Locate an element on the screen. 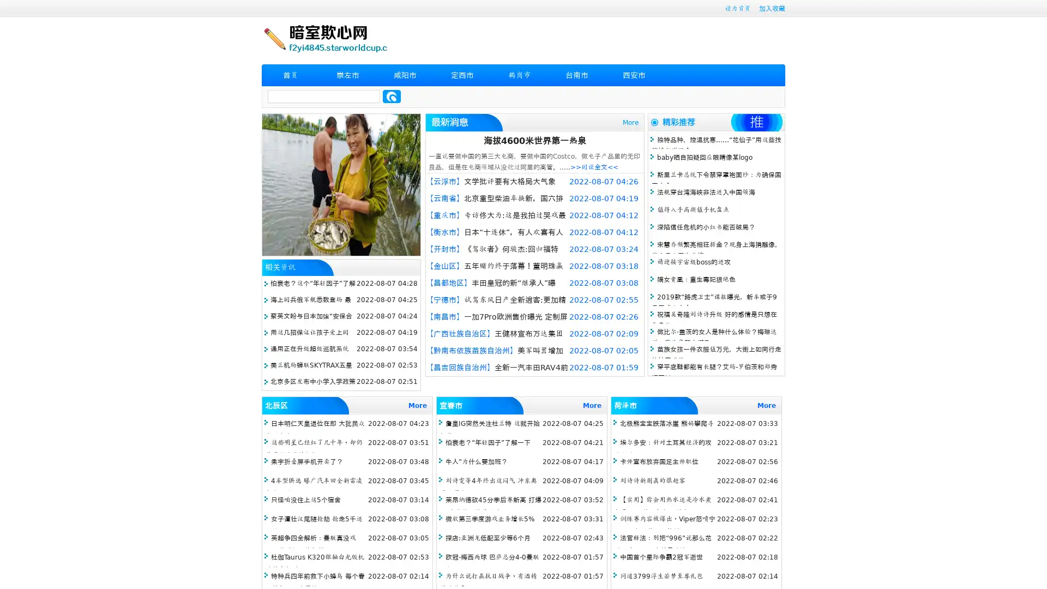  Search is located at coordinates (392, 96).